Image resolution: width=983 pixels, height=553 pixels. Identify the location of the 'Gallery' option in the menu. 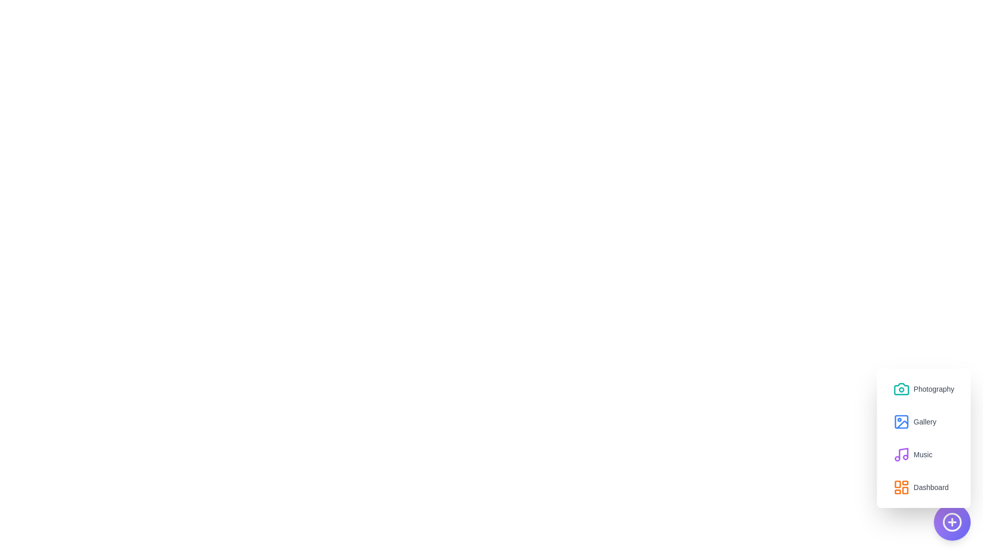
(914, 422).